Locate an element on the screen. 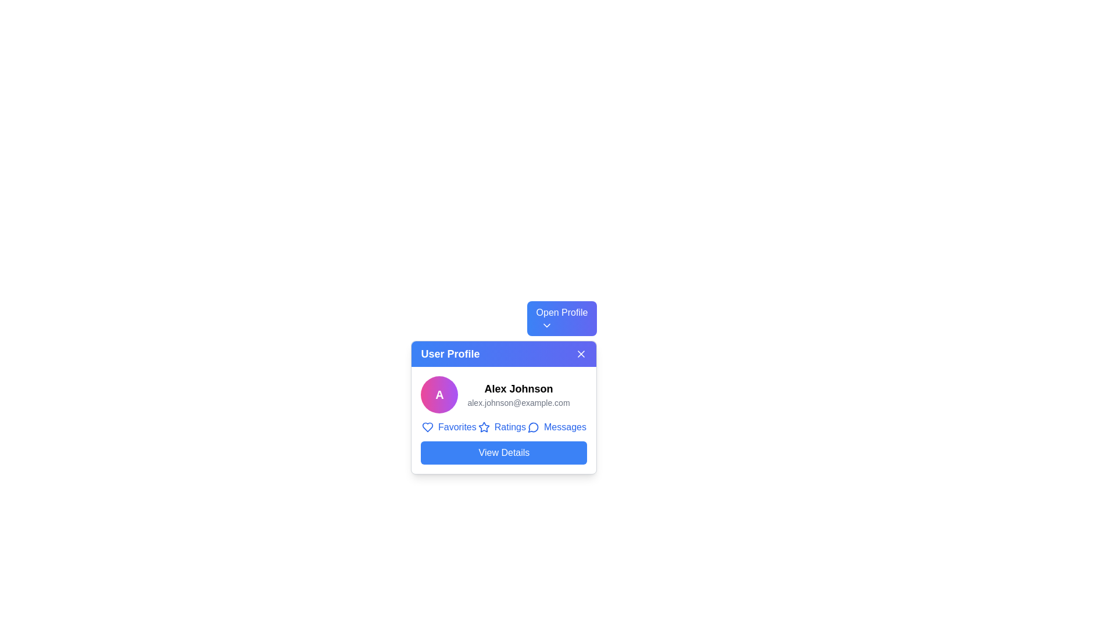 This screenshot has width=1116, height=628. the 'Ratings' interactive link located in the horizontal menu bar between 'Favorites' and 'Messages' is located at coordinates (502, 427).